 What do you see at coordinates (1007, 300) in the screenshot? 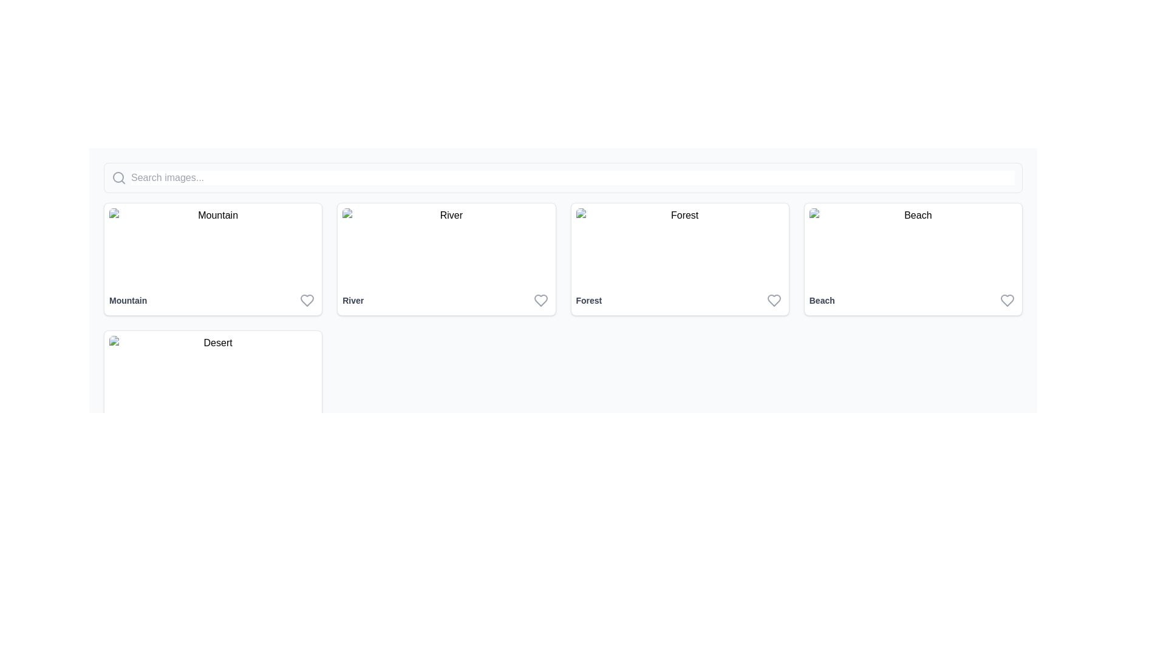
I see `the interactive button located to the far right of the 'Beach' row` at bounding box center [1007, 300].